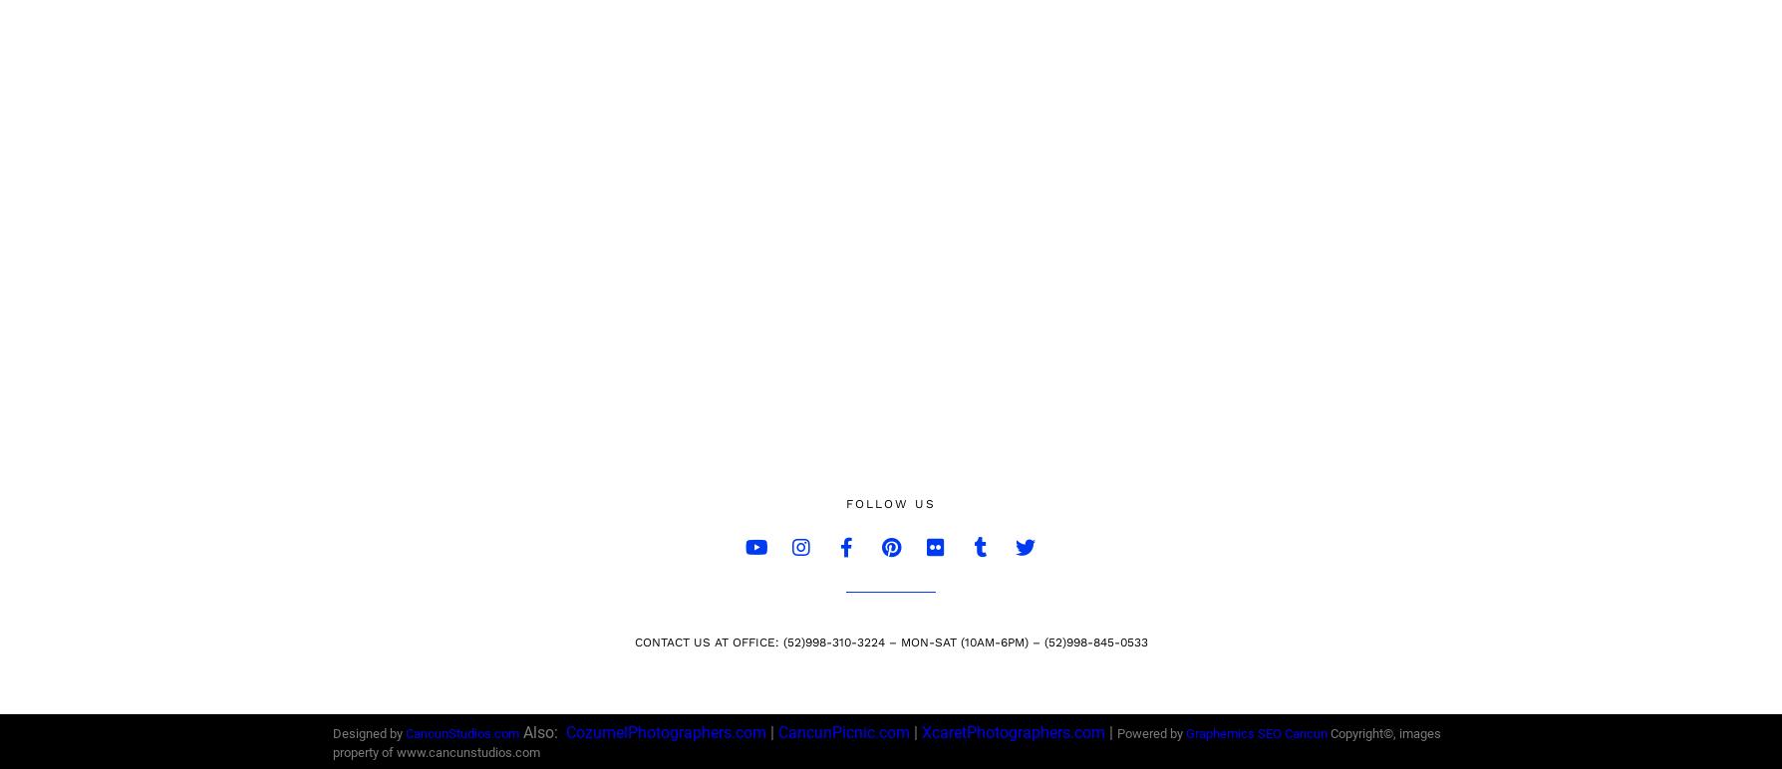  What do you see at coordinates (1150, 733) in the screenshot?
I see `'Powered by'` at bounding box center [1150, 733].